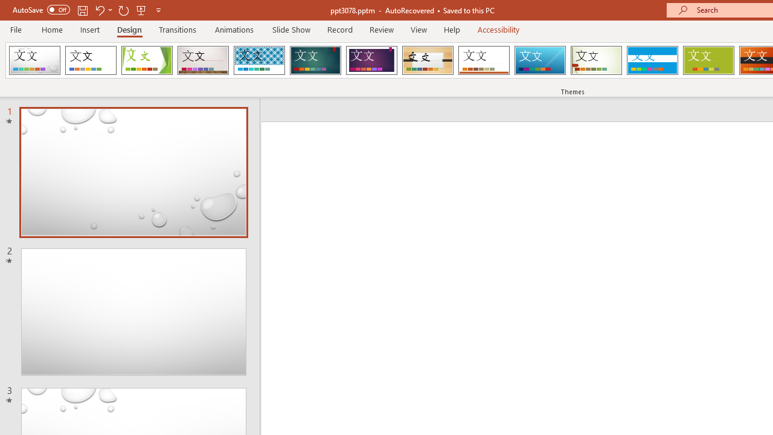 The width and height of the screenshot is (773, 435). What do you see at coordinates (596, 60) in the screenshot?
I see `'Wisp'` at bounding box center [596, 60].